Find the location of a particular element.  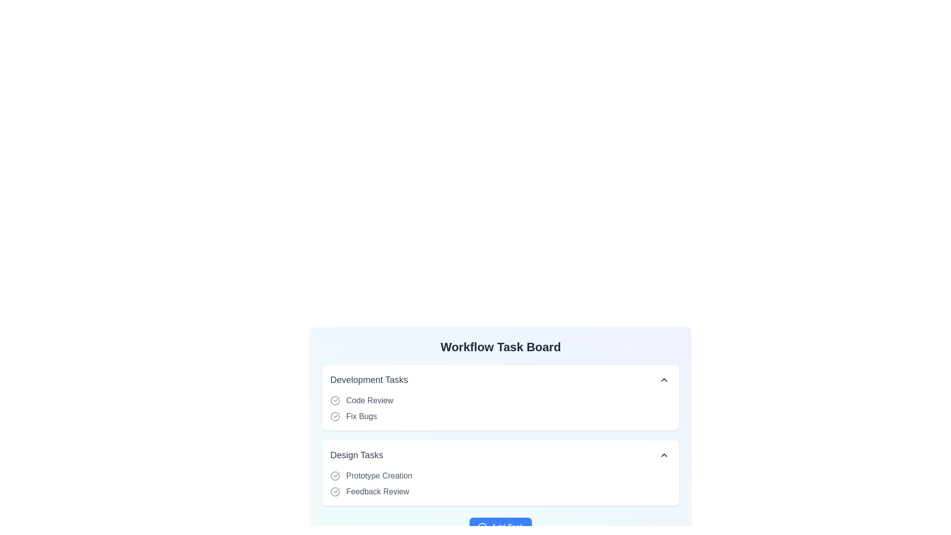

the Collapsible section toggle button located to the far right side of the 'Design Tasks' header is located at coordinates (664, 455).